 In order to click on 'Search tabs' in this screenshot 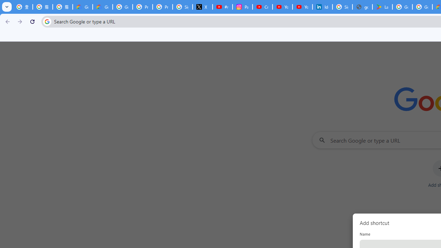, I will do `click(7, 7)`.